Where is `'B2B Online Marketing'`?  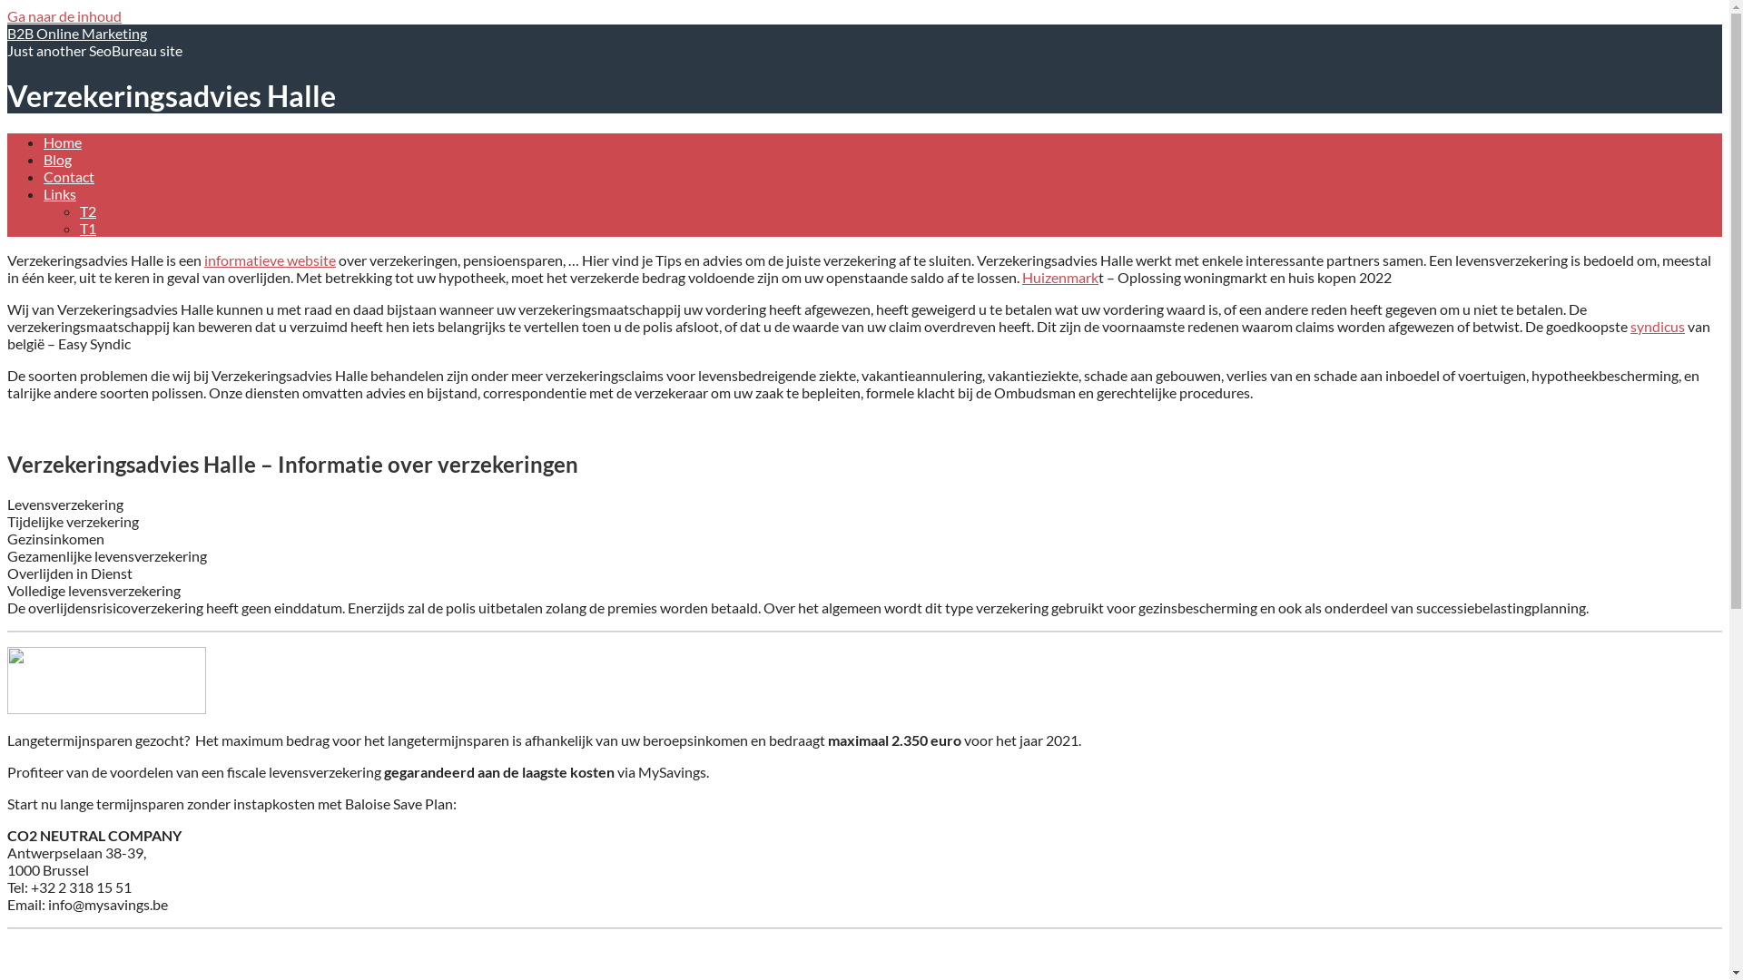
'B2B Online Marketing' is located at coordinates (7, 33).